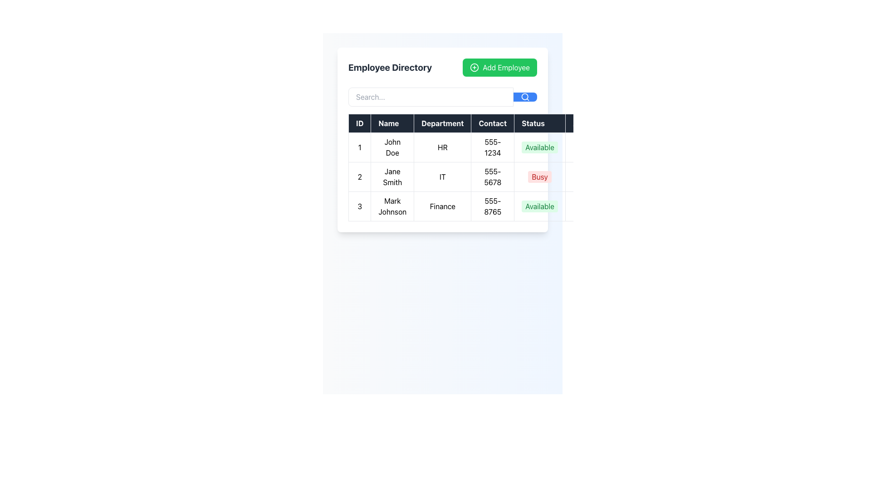  What do you see at coordinates (392, 123) in the screenshot?
I see `text from the Table Header Cell labeled 'Name', which is a rectangular cell with a dark background and white bold text, located in the second column of the header row between 'ID' and 'Department'` at bounding box center [392, 123].